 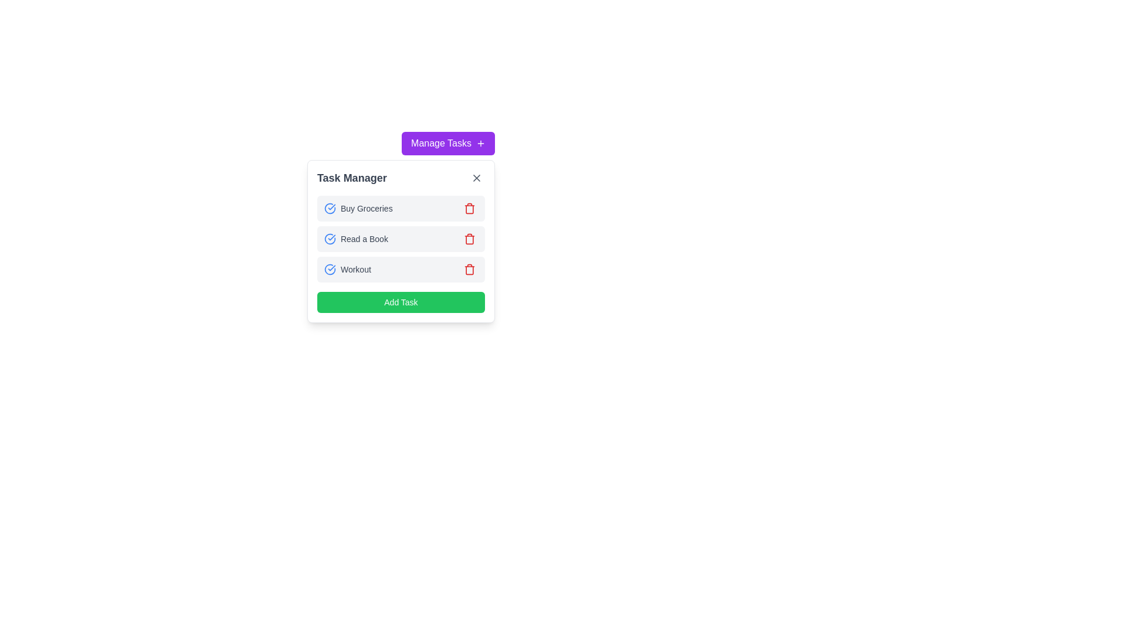 I want to click on the rectangular 'Add Task' button with a green background and white text to visualize hover effects, so click(x=401, y=302).